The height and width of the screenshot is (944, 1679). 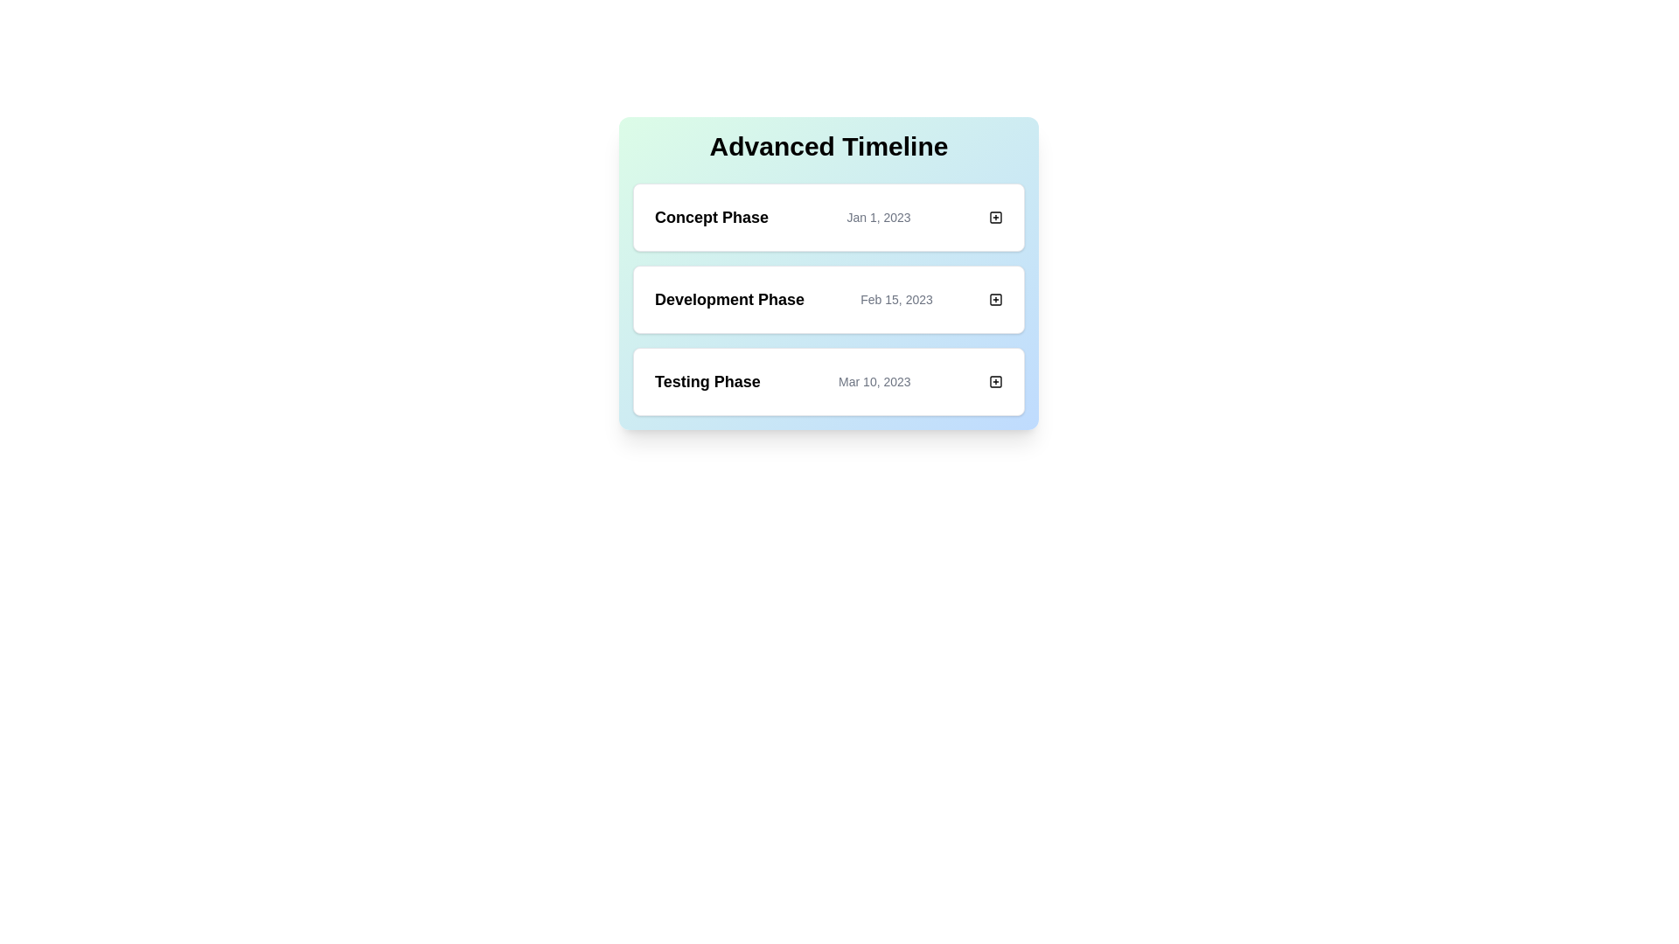 What do you see at coordinates (828, 273) in the screenshot?
I see `the 'Development Phase' card element, which is the second card in the list, displaying a bold title and a date on its right side` at bounding box center [828, 273].